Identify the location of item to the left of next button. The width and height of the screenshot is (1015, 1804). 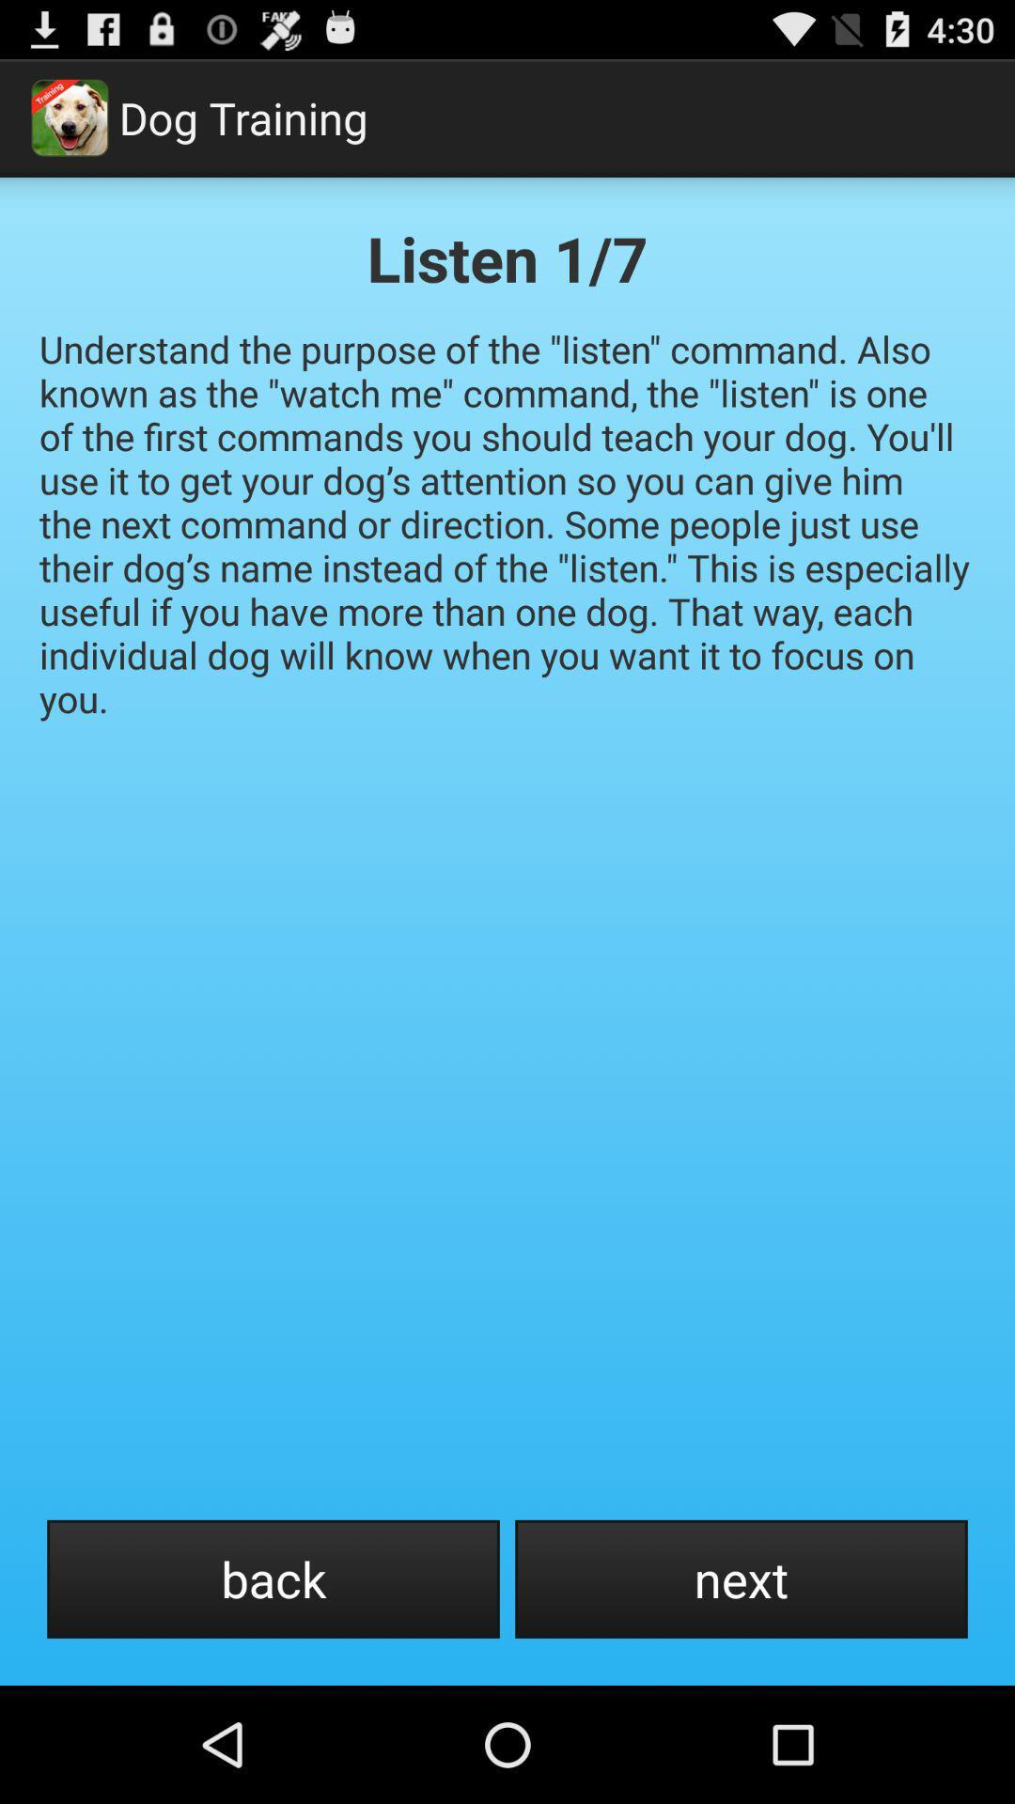
(273, 1578).